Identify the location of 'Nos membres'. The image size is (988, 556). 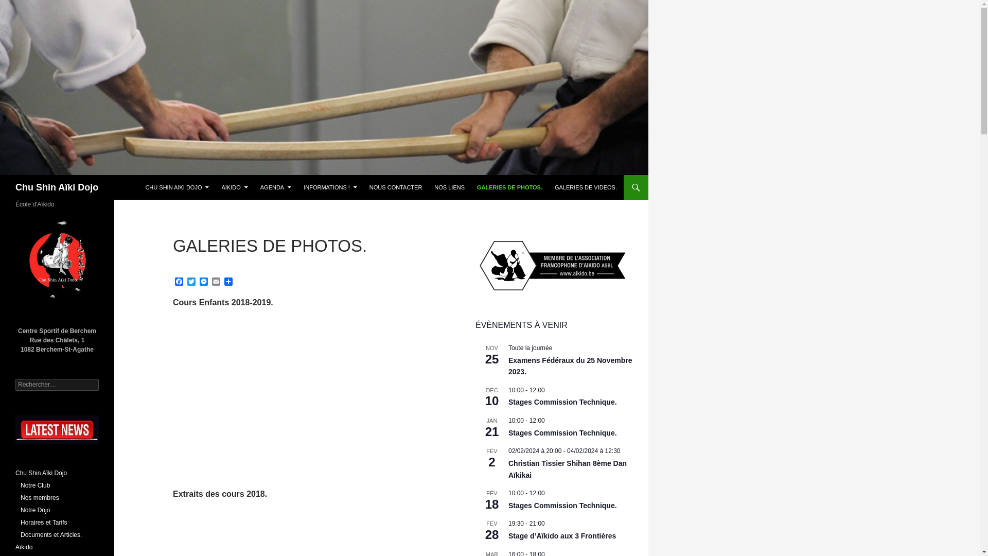
(40, 497).